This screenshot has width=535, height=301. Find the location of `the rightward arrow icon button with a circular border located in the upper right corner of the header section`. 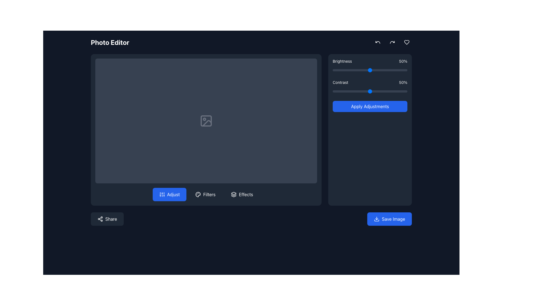

the rightward arrow icon button with a circular border located in the upper right corner of the header section is located at coordinates (392, 42).